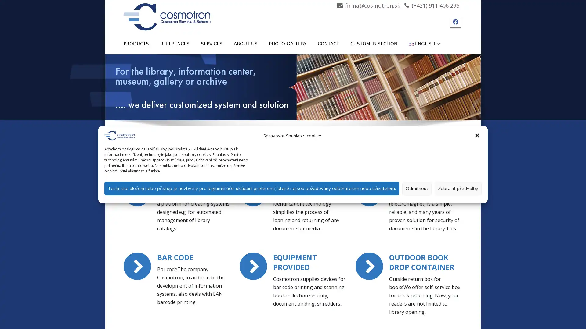 The height and width of the screenshot is (329, 586). Describe the element at coordinates (252, 188) in the screenshot. I see `Technicke ulozeni nebo pristup je nezbytny pro legitimni ucel ukladani preferenci, ktere nejsou pozadovany odberatelem nebo uzivatelem.` at that location.